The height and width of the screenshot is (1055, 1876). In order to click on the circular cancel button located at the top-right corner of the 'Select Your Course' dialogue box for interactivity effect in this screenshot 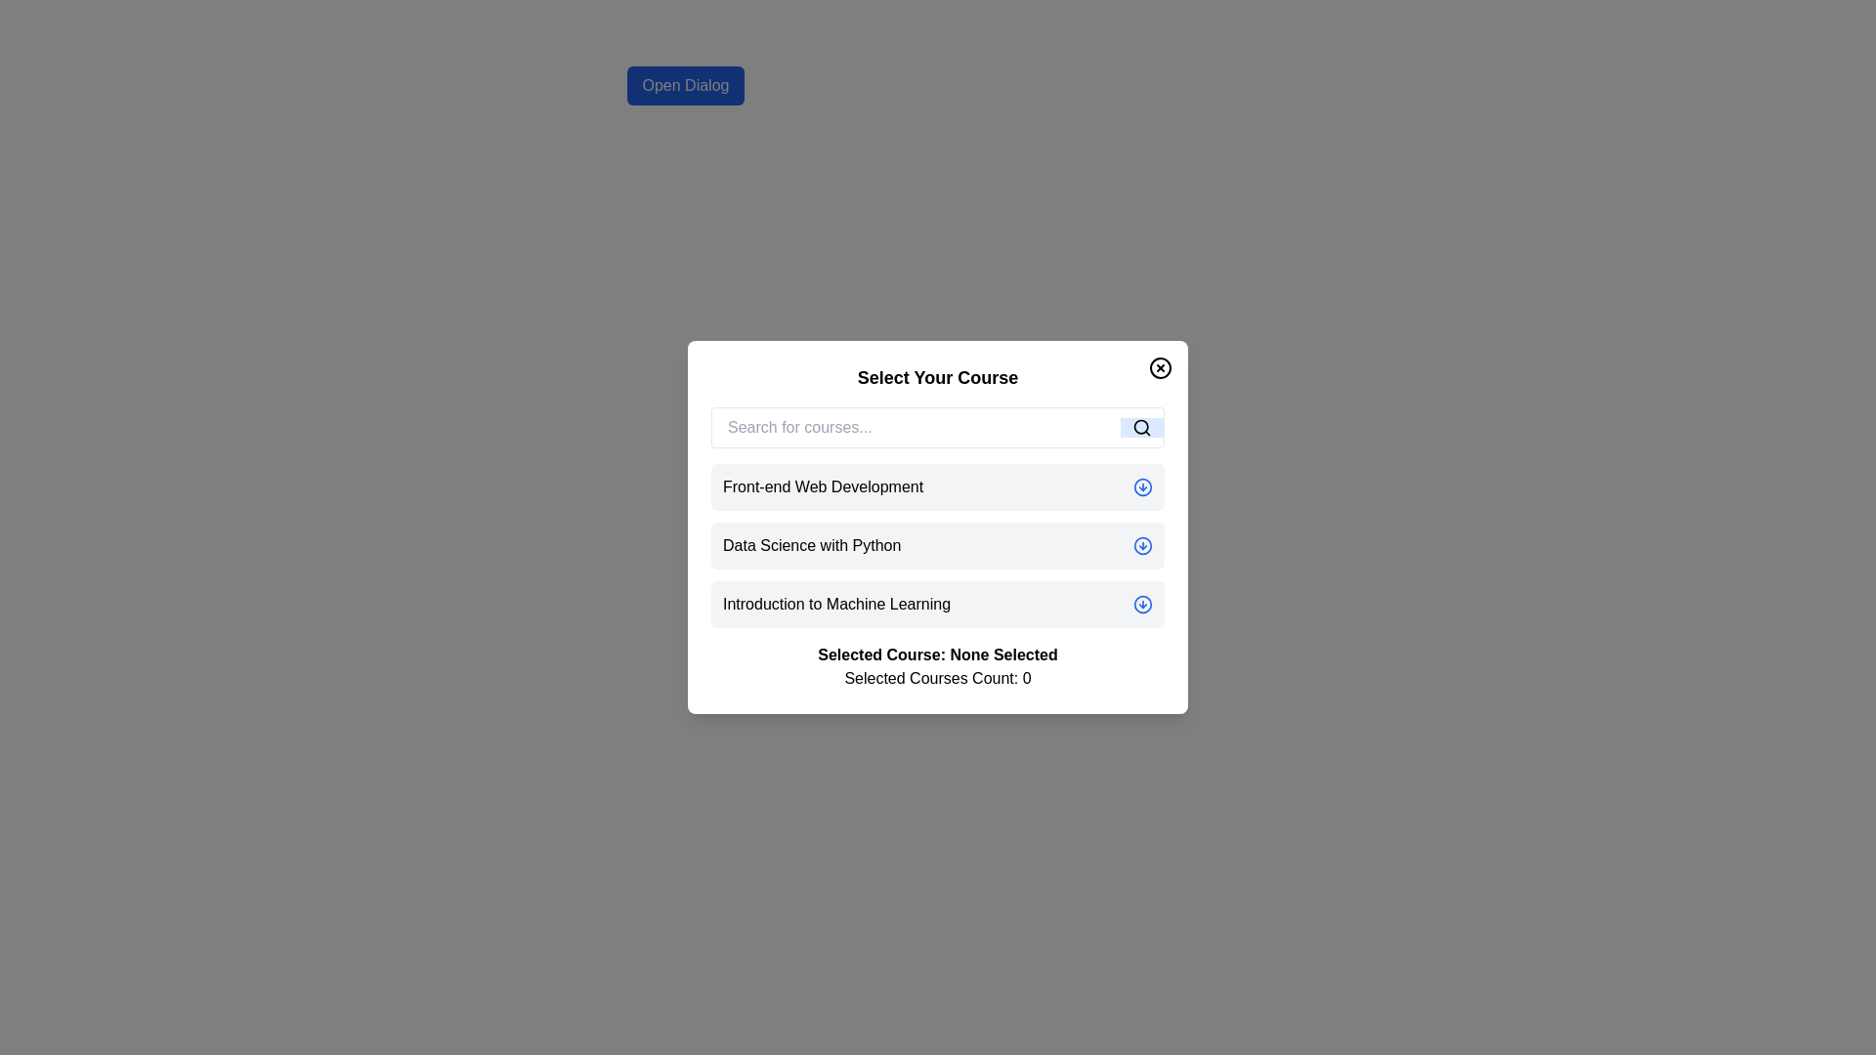, I will do `click(1161, 368)`.